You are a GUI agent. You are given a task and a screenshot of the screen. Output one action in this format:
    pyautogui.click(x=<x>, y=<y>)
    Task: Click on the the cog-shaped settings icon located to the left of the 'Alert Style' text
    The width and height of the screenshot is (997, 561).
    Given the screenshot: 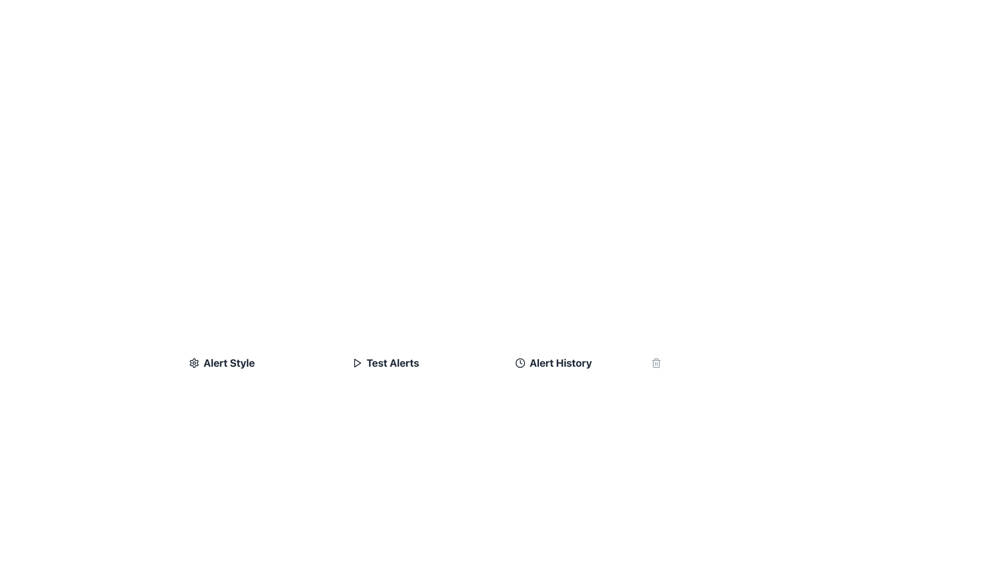 What is the action you would take?
    pyautogui.click(x=194, y=362)
    